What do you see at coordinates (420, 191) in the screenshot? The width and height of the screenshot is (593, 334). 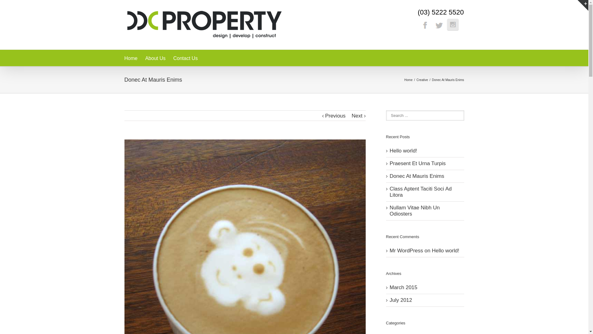 I see `'Class Aptent Taciti Soci Ad Litora'` at bounding box center [420, 191].